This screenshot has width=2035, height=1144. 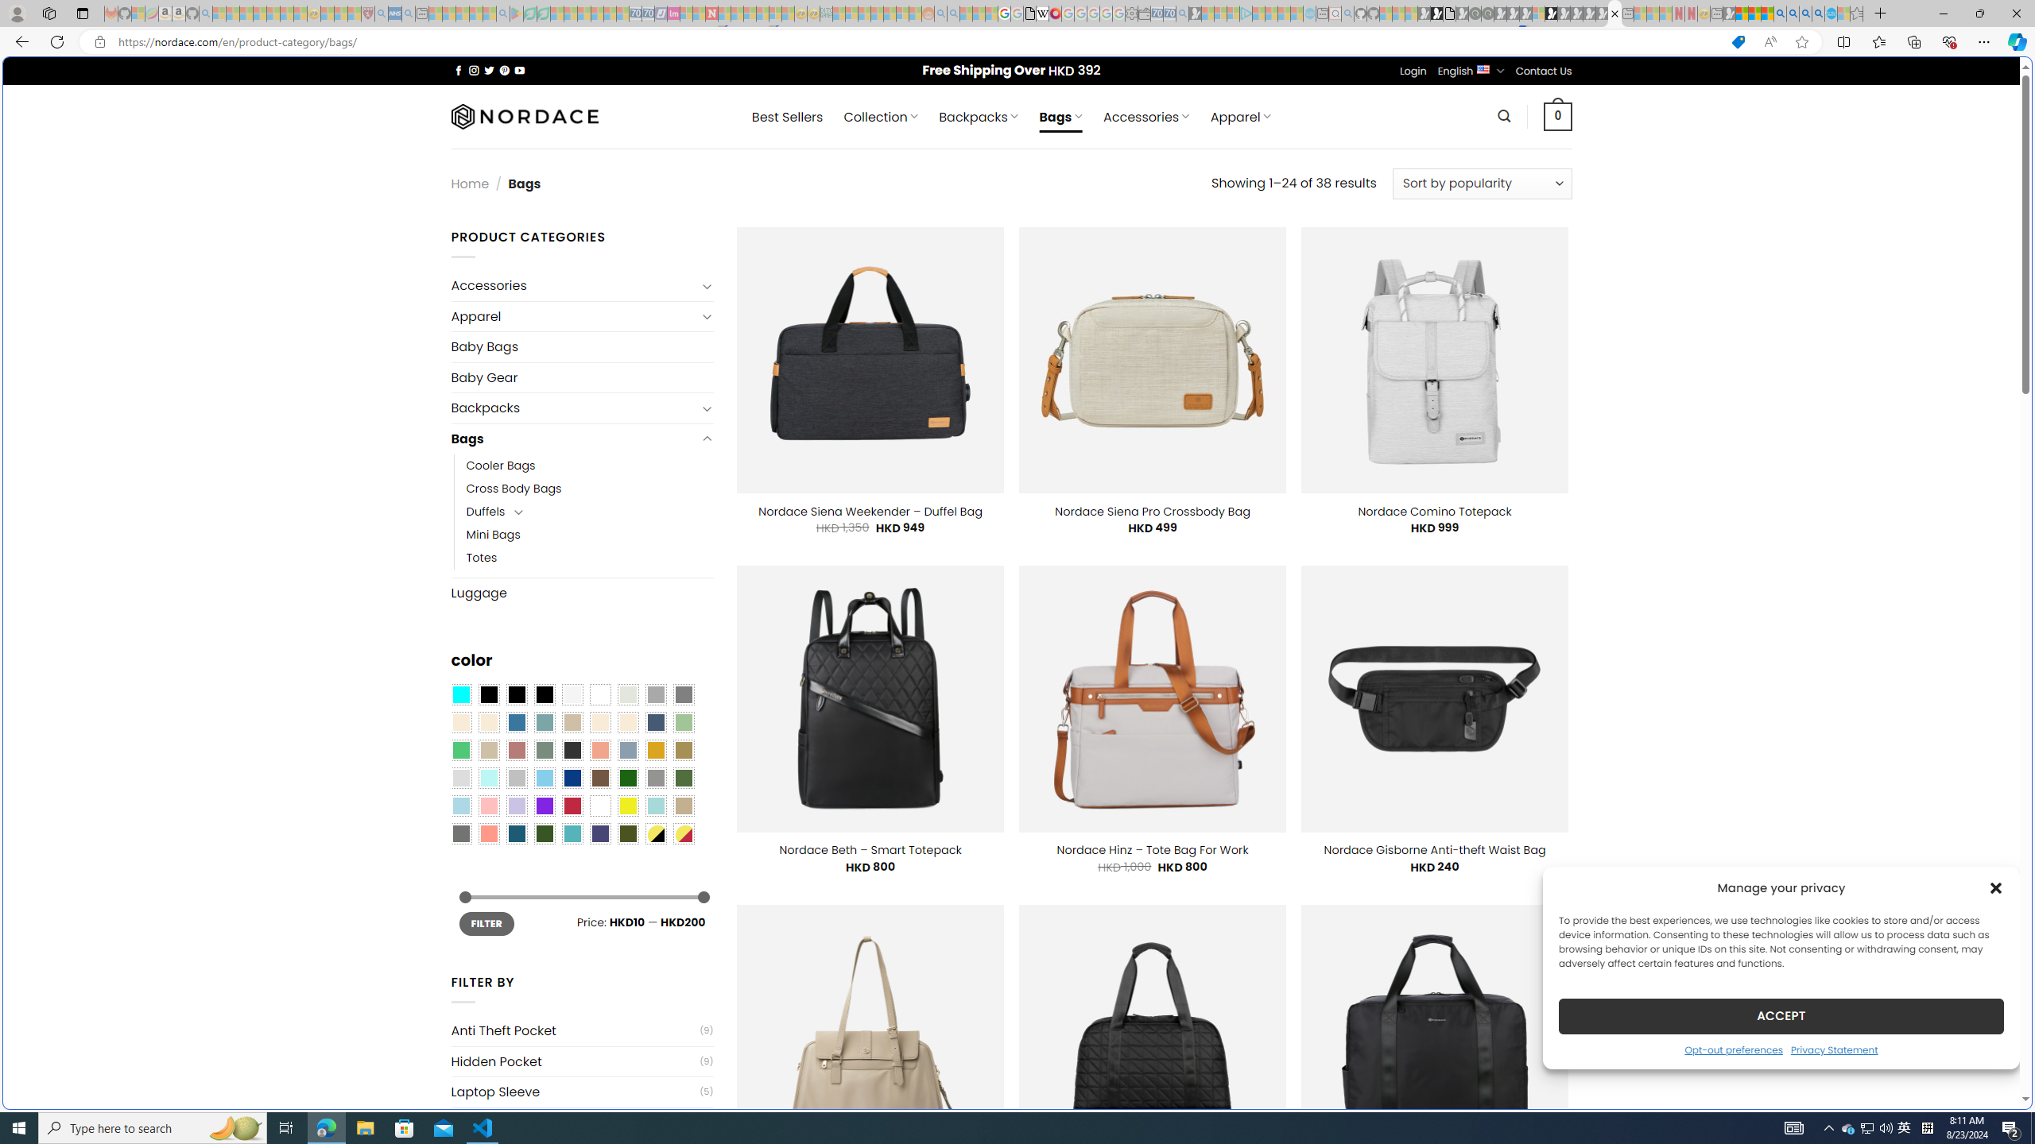 What do you see at coordinates (571, 722) in the screenshot?
I see `'Brownie'` at bounding box center [571, 722].